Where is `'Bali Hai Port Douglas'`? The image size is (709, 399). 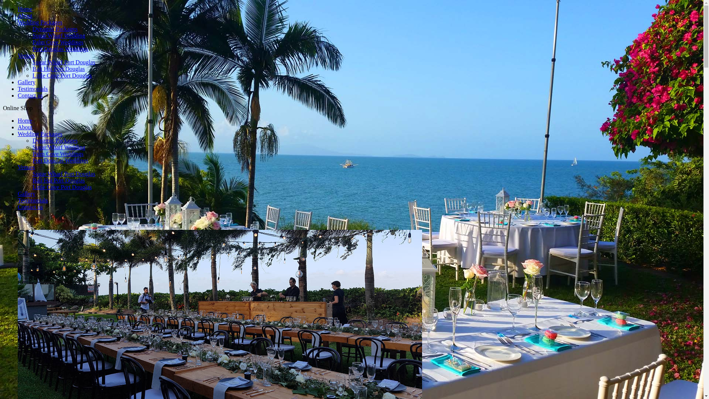
'Bali Hai Port Douglas' is located at coordinates (58, 69).